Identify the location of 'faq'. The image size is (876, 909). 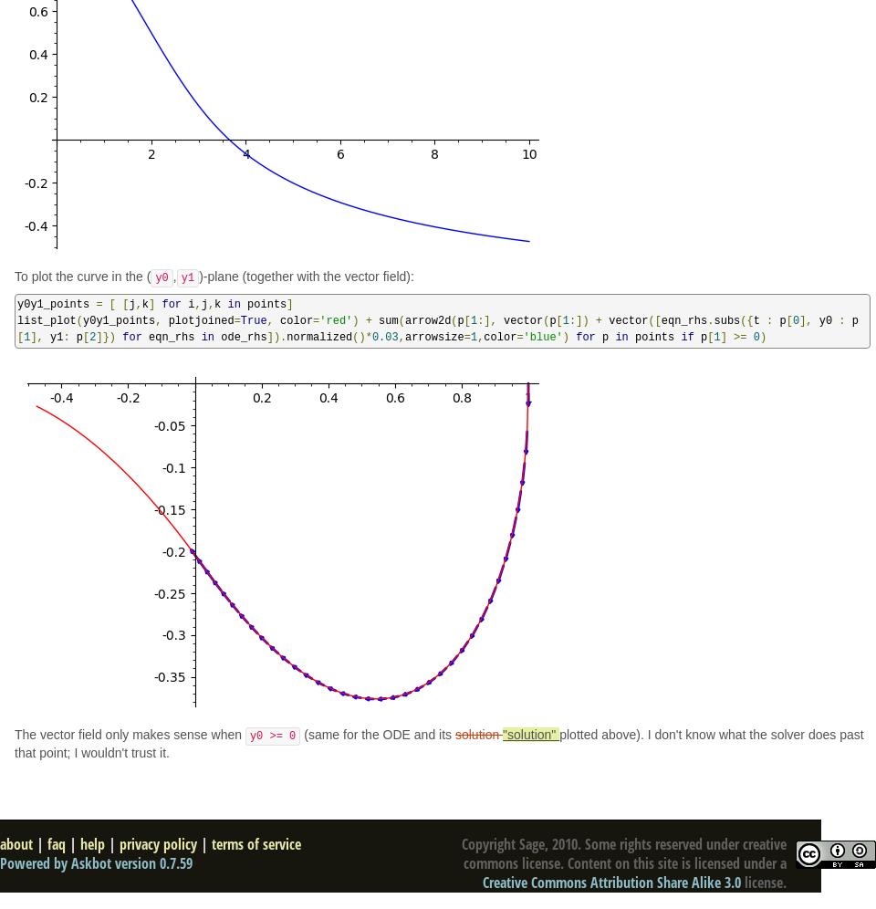
(47, 843).